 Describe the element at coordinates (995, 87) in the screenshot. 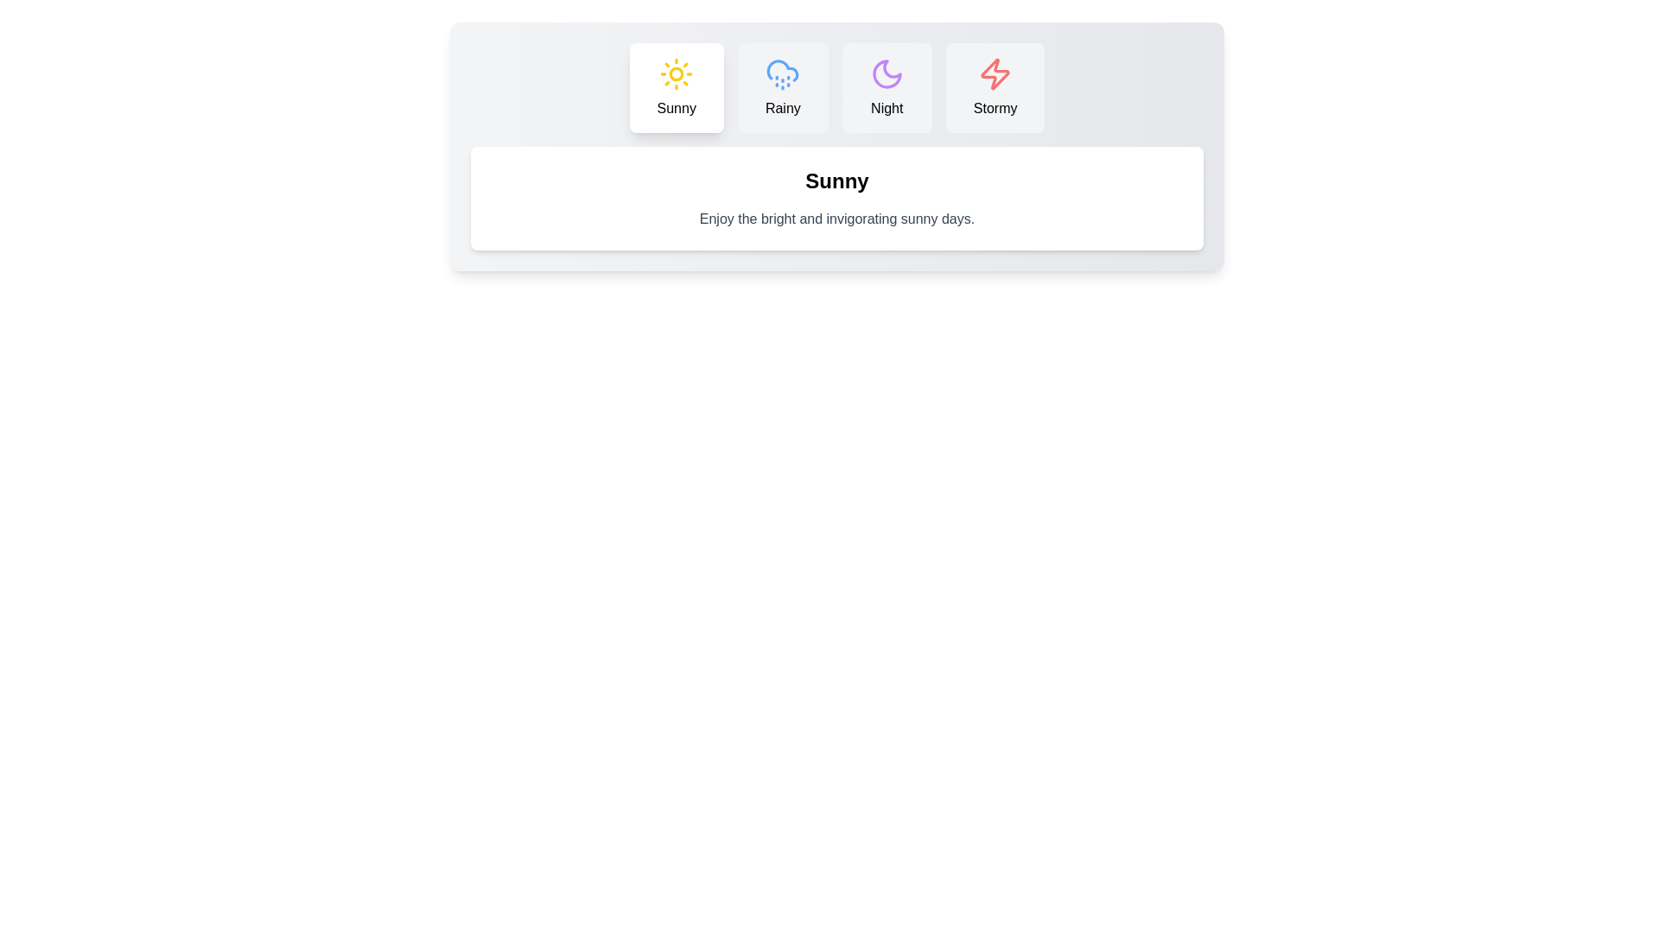

I see `the Stormy tab by clicking its button` at that location.